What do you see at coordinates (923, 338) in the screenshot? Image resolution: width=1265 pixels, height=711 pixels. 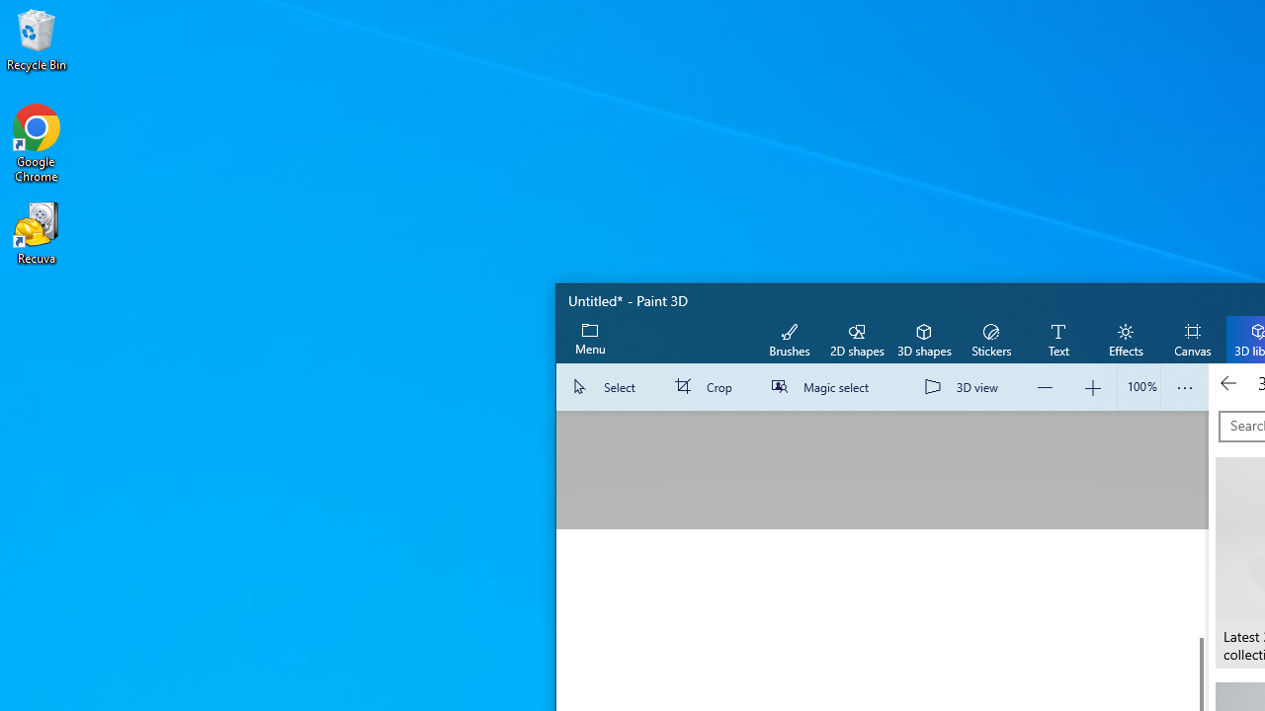 I see `'3D shapes'` at bounding box center [923, 338].